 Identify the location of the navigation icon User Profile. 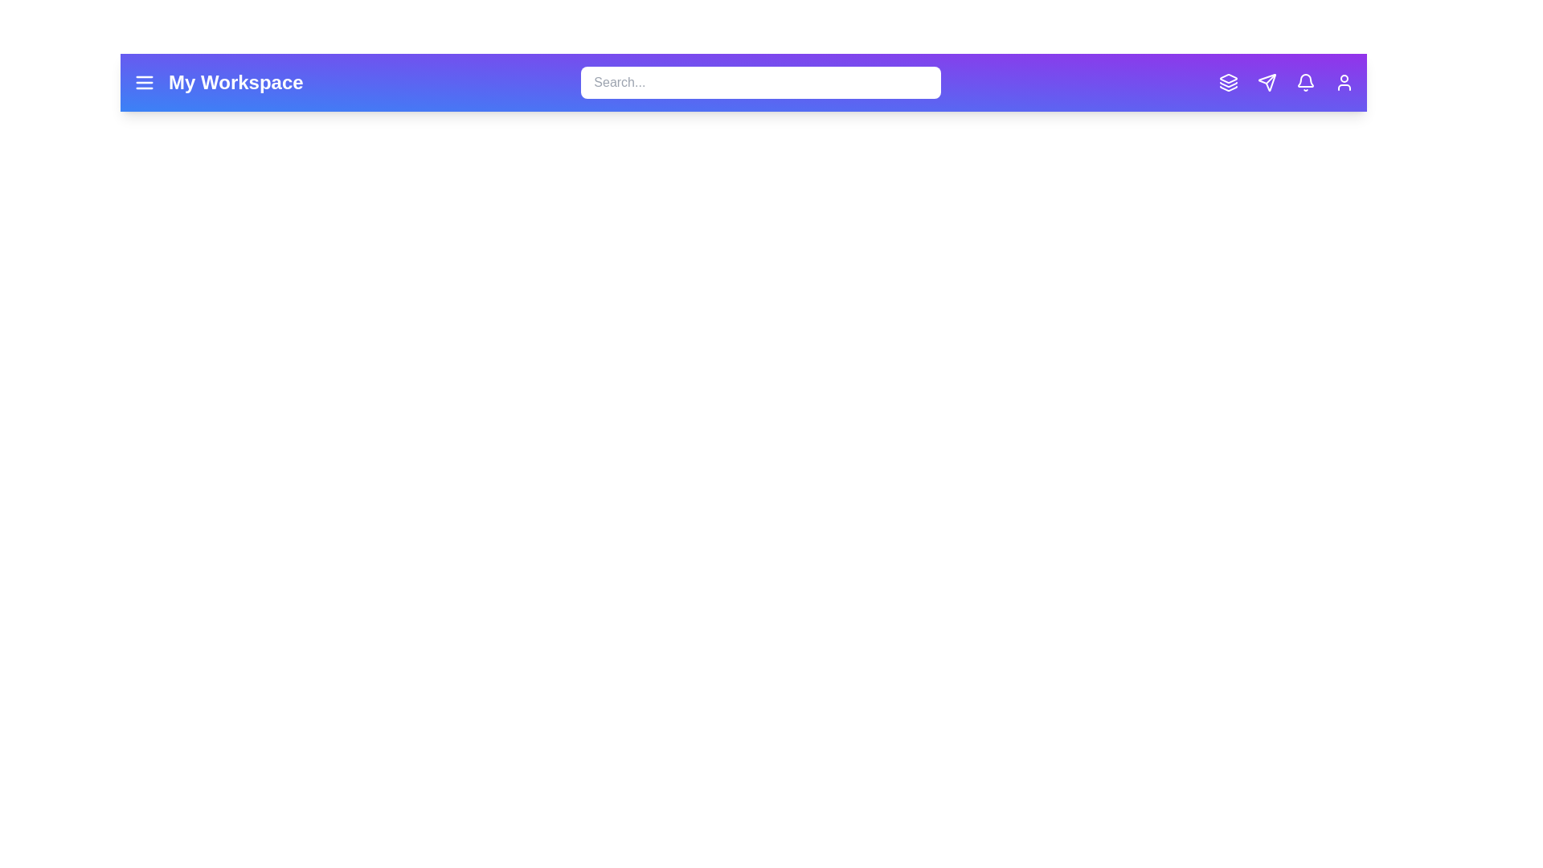
(1344, 83).